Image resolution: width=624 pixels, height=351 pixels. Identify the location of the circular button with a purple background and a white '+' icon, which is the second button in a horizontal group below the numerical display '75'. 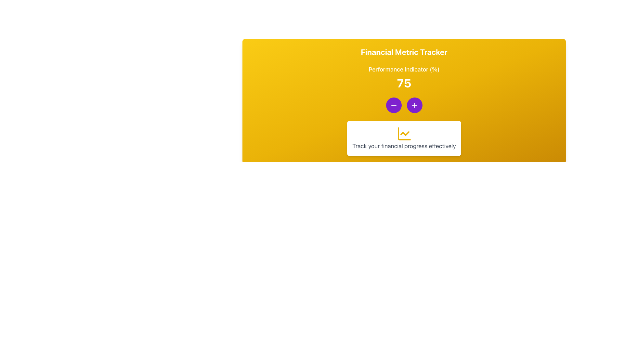
(414, 105).